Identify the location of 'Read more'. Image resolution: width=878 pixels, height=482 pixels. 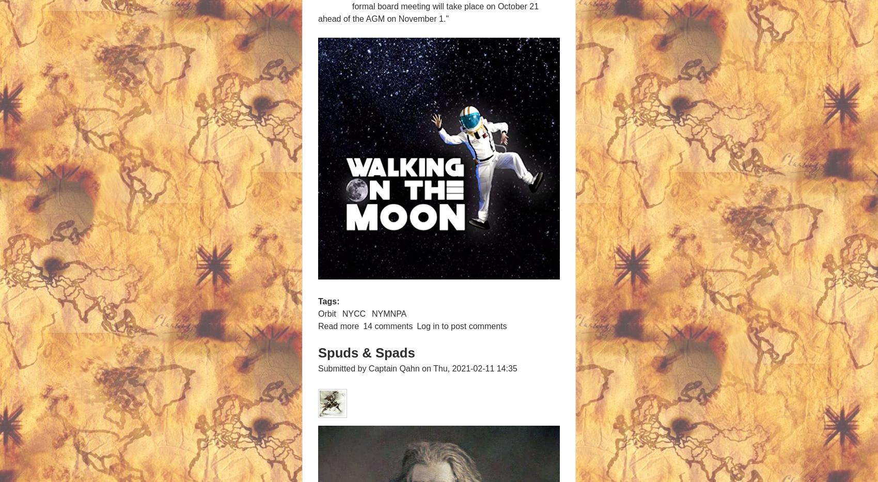
(318, 325).